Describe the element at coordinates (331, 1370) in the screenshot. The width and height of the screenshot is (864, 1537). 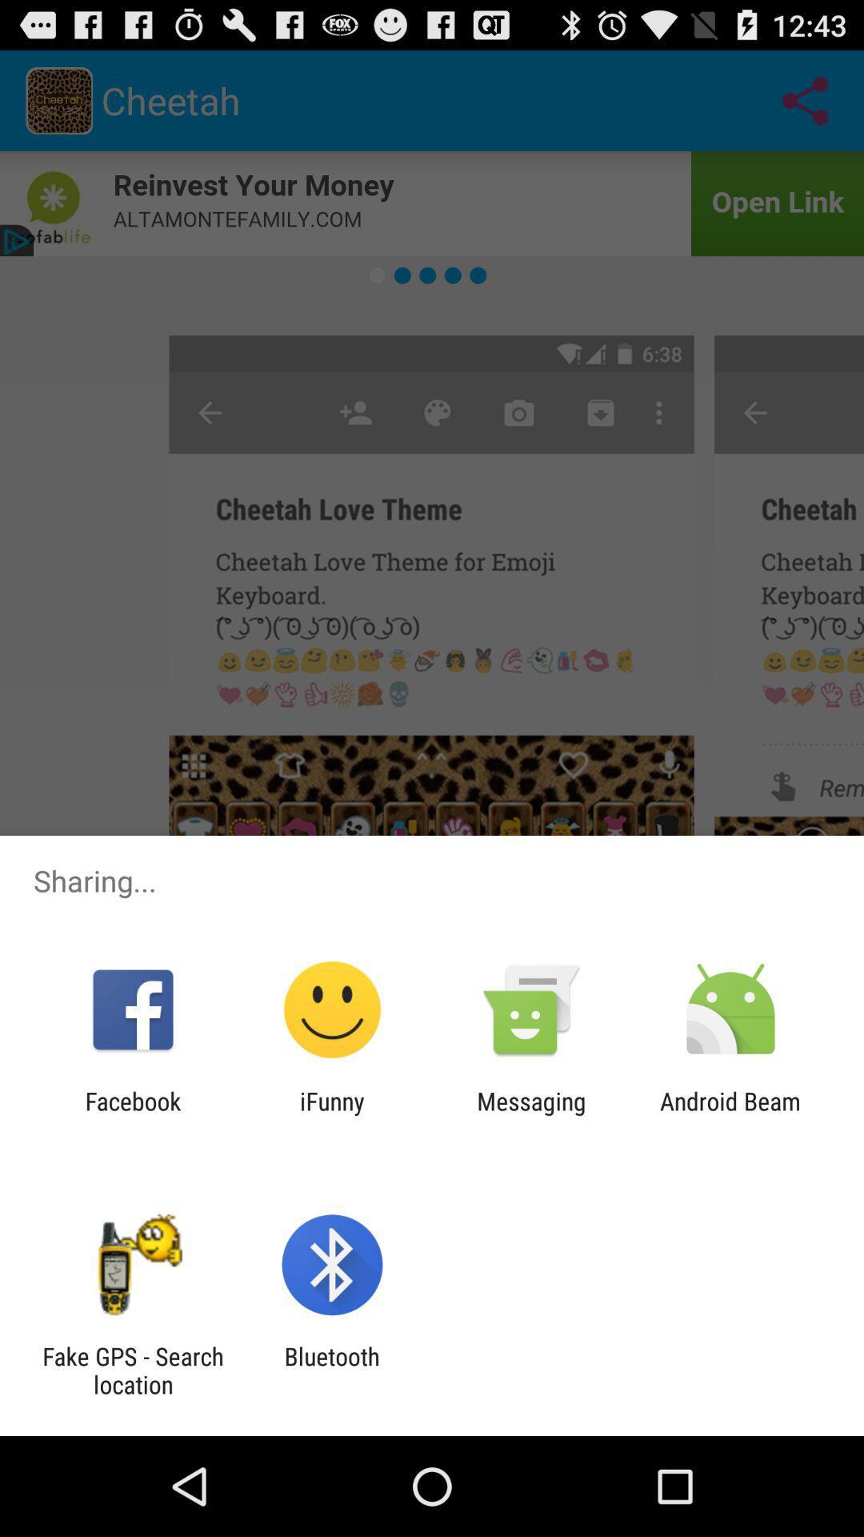
I see `app to the right of the fake gps search item` at that location.